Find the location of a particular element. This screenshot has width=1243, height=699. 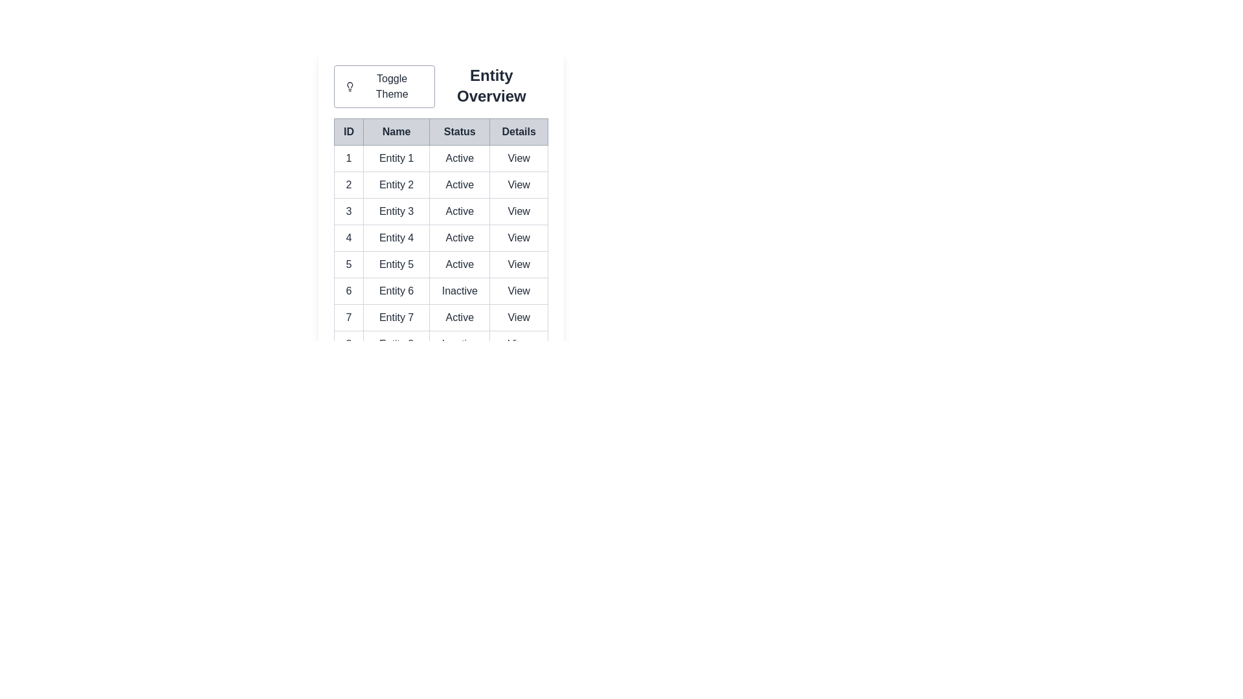

the table header labeled Details to sort the data by that column is located at coordinates (519, 132).